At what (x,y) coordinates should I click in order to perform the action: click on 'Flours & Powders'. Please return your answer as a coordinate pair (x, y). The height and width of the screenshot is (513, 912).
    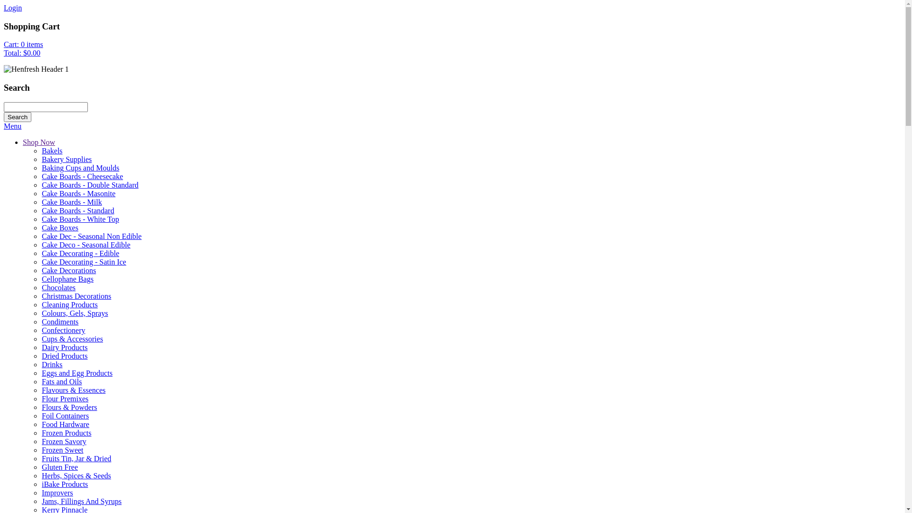
    Looking at the image, I should click on (68, 407).